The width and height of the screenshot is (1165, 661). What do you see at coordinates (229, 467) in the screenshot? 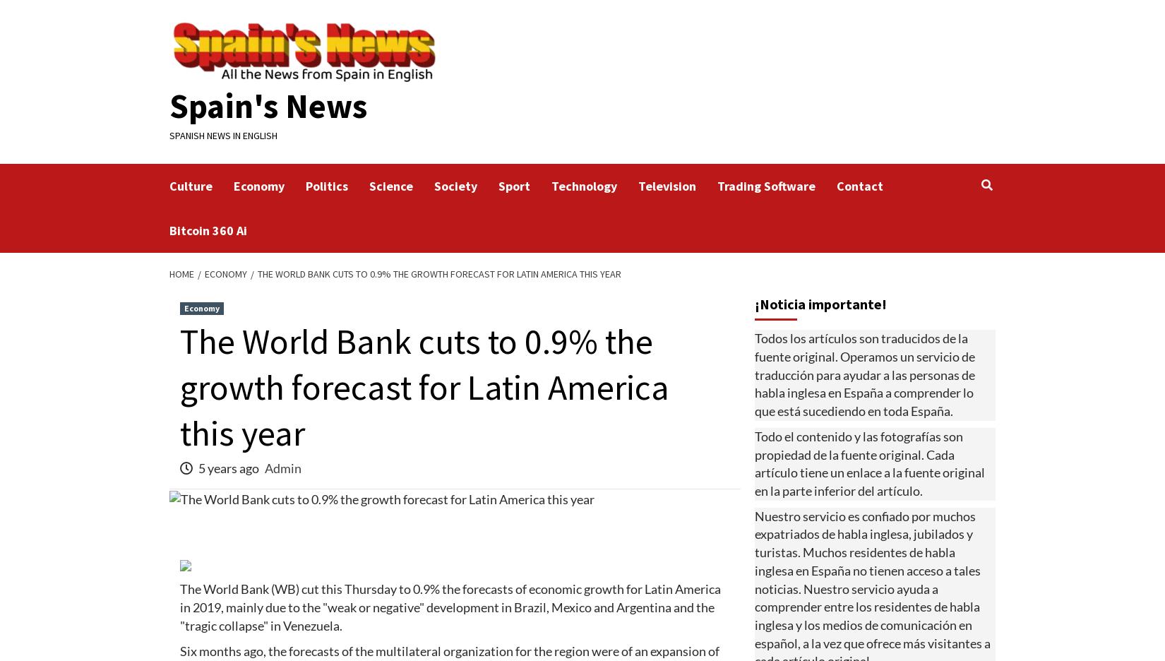
I see `'5 years ago'` at bounding box center [229, 467].